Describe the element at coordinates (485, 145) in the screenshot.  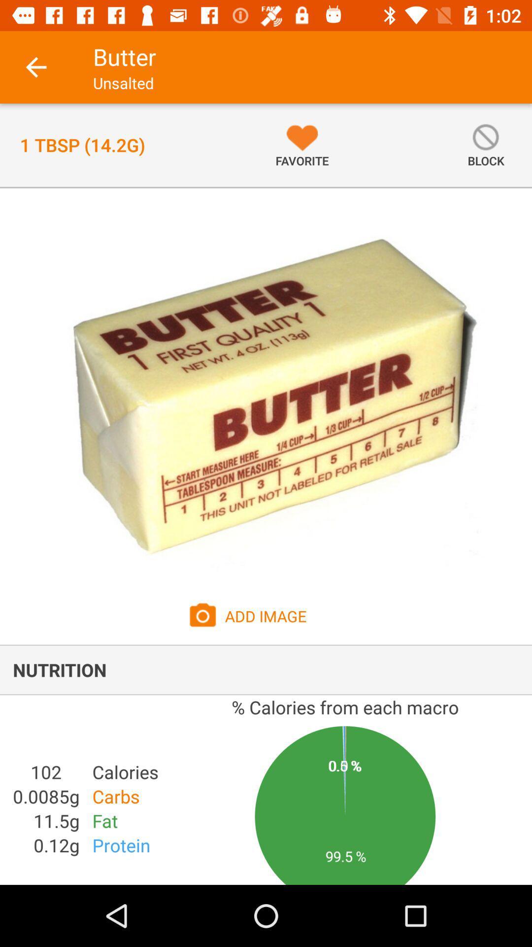
I see `the button block on the web page` at that location.